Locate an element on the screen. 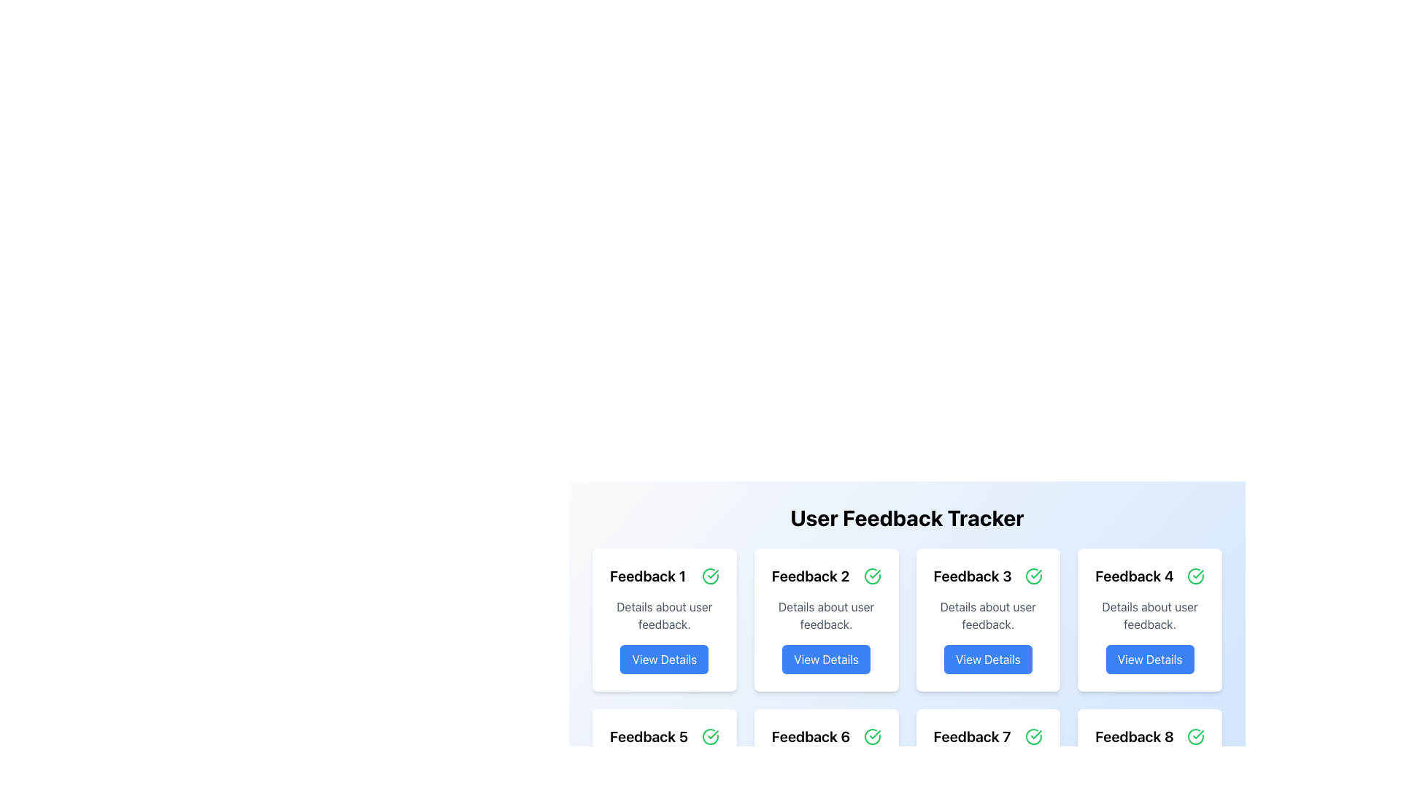  the SVG icon representing a checkmark status indicator located on the top-right side of the second feedback card in the first row of the feedback grid is located at coordinates (875, 573).